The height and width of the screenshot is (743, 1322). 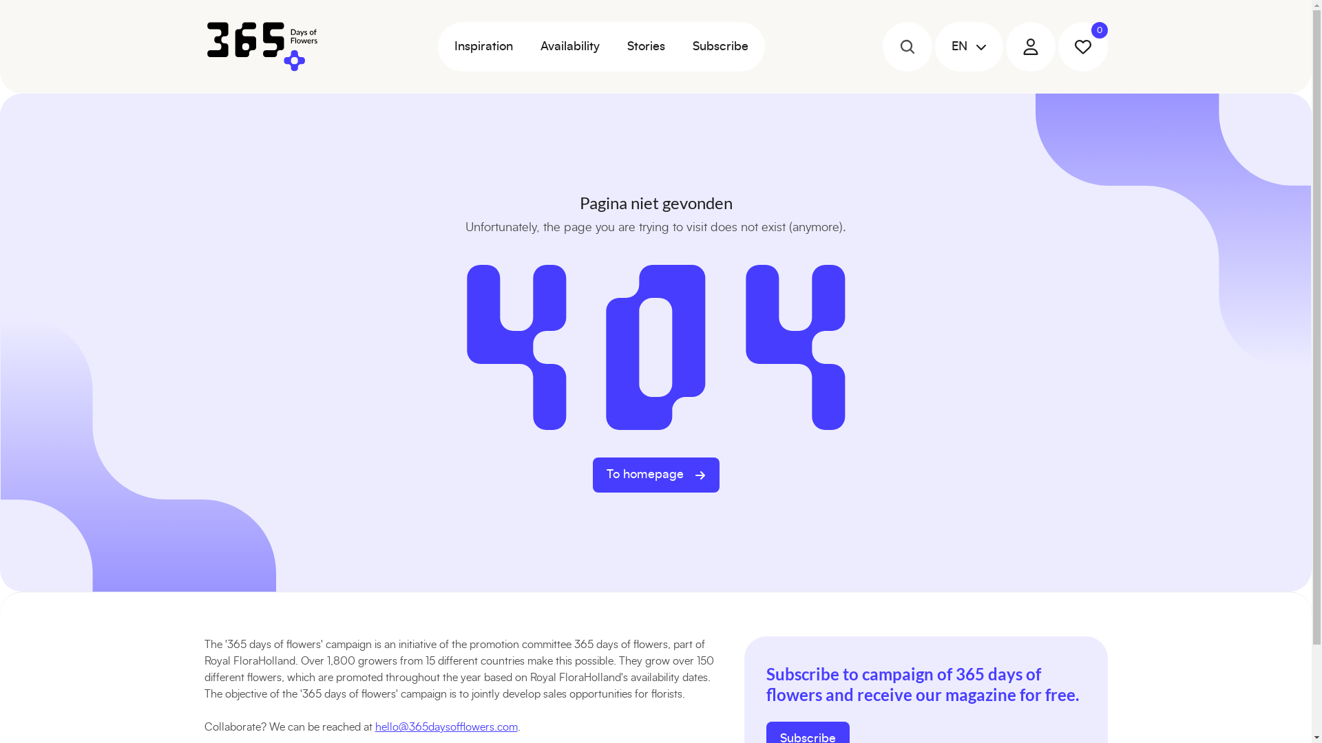 What do you see at coordinates (569, 46) in the screenshot?
I see `'Availability'` at bounding box center [569, 46].